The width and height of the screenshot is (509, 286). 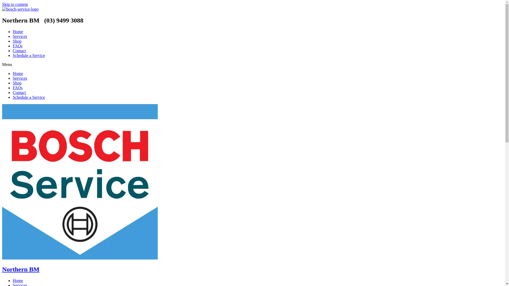 I want to click on 'Home', so click(x=18, y=73).